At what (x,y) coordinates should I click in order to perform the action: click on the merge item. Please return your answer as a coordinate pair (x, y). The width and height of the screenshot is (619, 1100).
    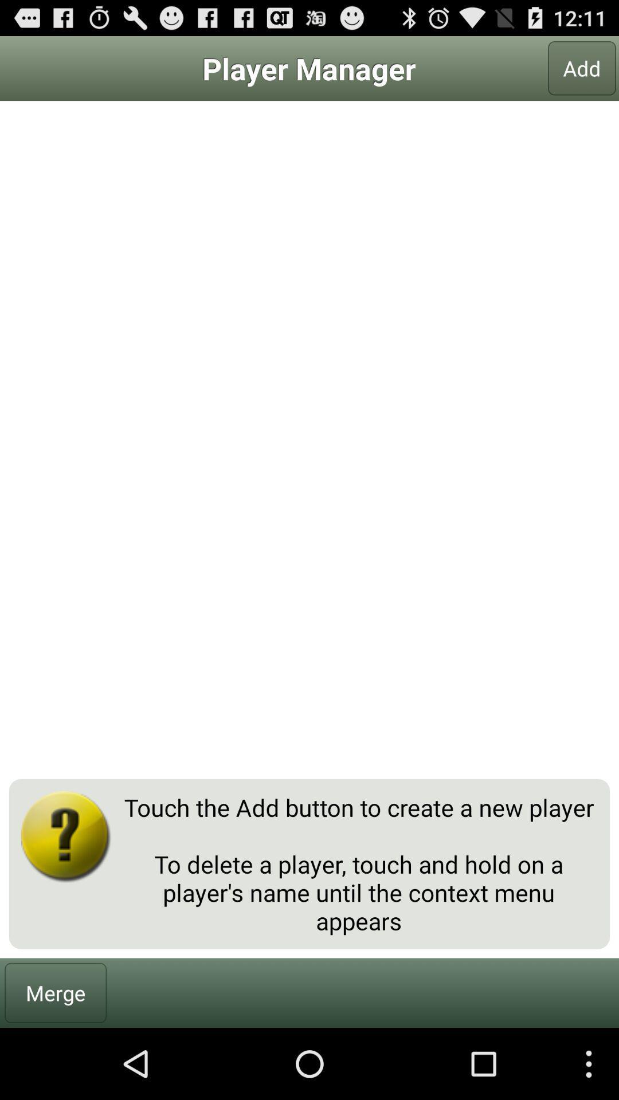
    Looking at the image, I should click on (56, 992).